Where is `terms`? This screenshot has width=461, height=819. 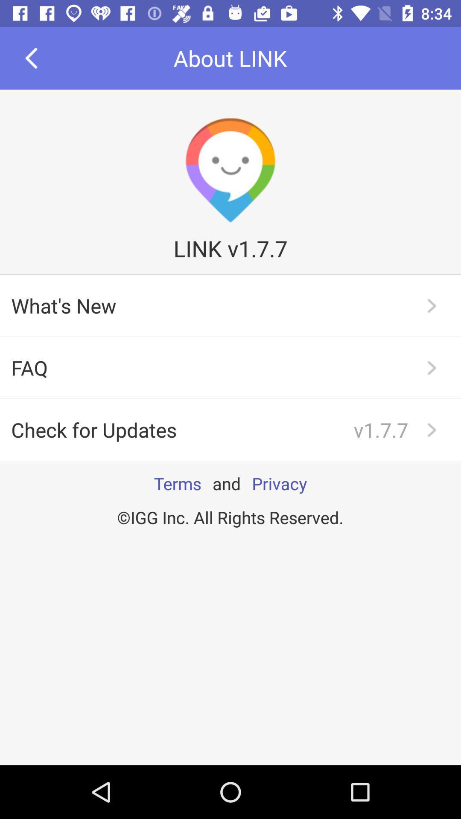 terms is located at coordinates (177, 483).